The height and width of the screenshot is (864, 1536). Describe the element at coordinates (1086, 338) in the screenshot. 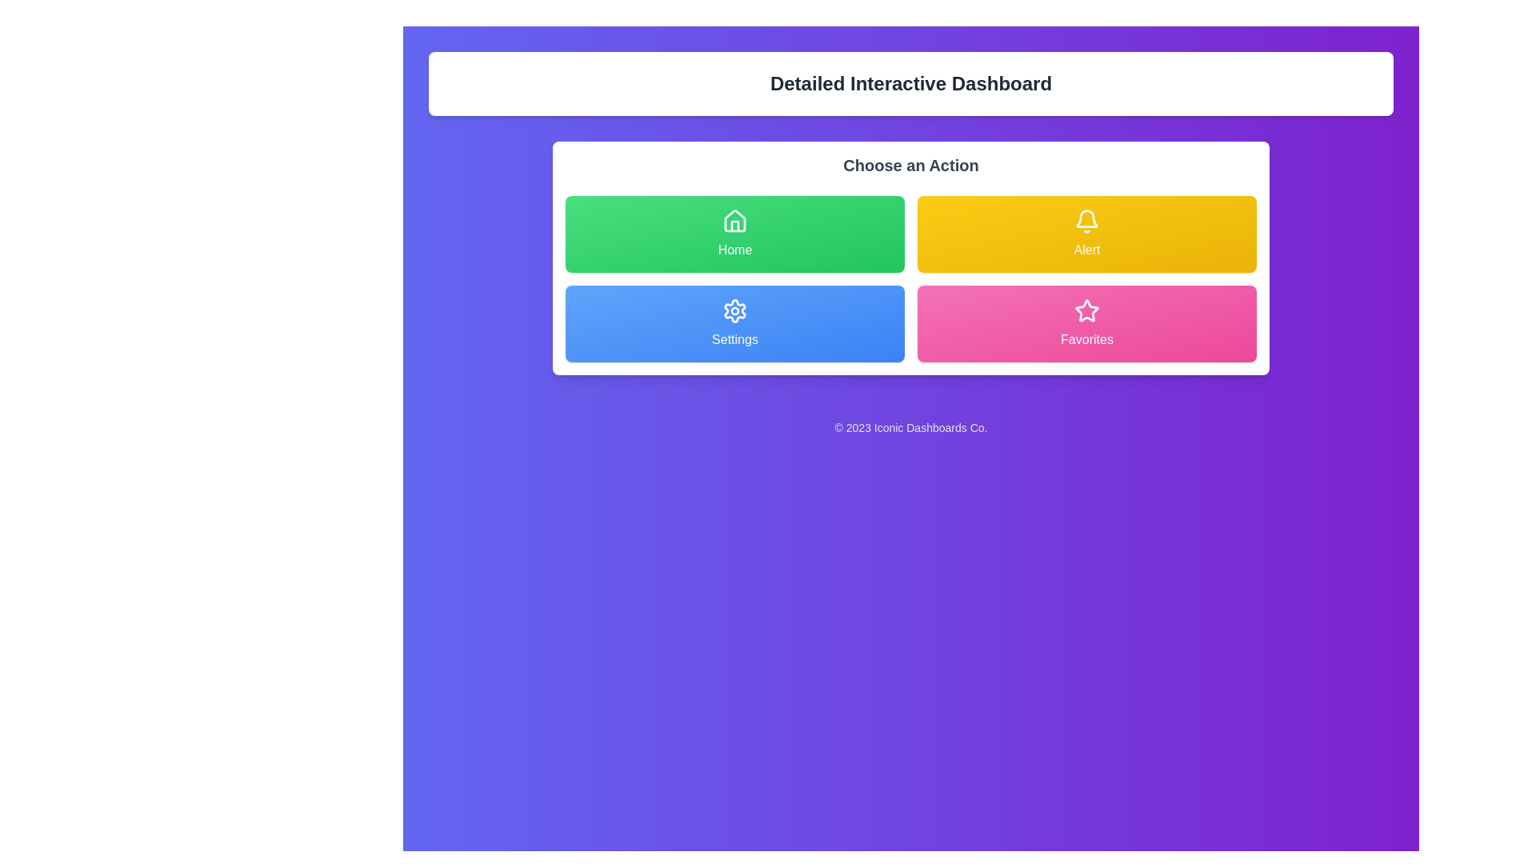

I see `text label that indicates the 'Favorites' action, located at the bottom of the pink rectangular button with a star icon` at that location.